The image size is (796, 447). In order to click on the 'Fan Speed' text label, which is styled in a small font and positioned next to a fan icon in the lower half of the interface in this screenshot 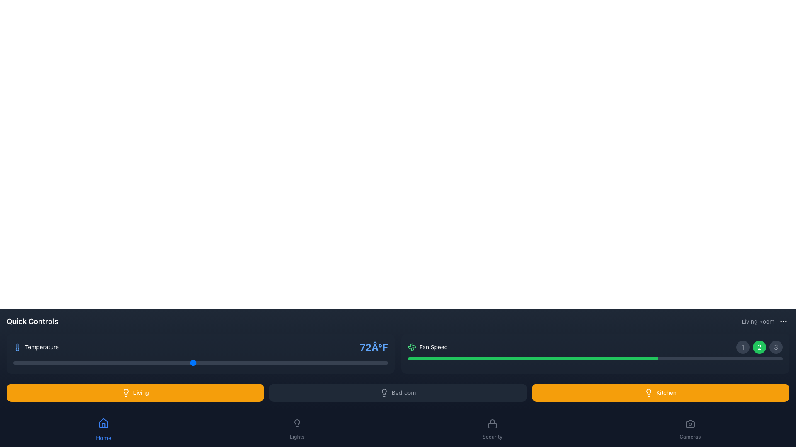, I will do `click(433, 347)`.